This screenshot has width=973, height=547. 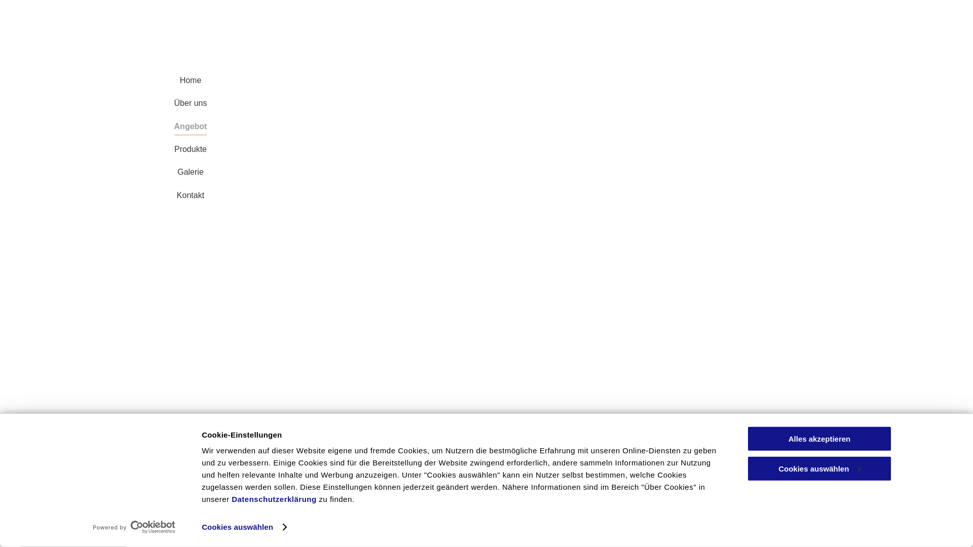 What do you see at coordinates (819, 438) in the screenshot?
I see `'Alles akzeptieren'` at bounding box center [819, 438].